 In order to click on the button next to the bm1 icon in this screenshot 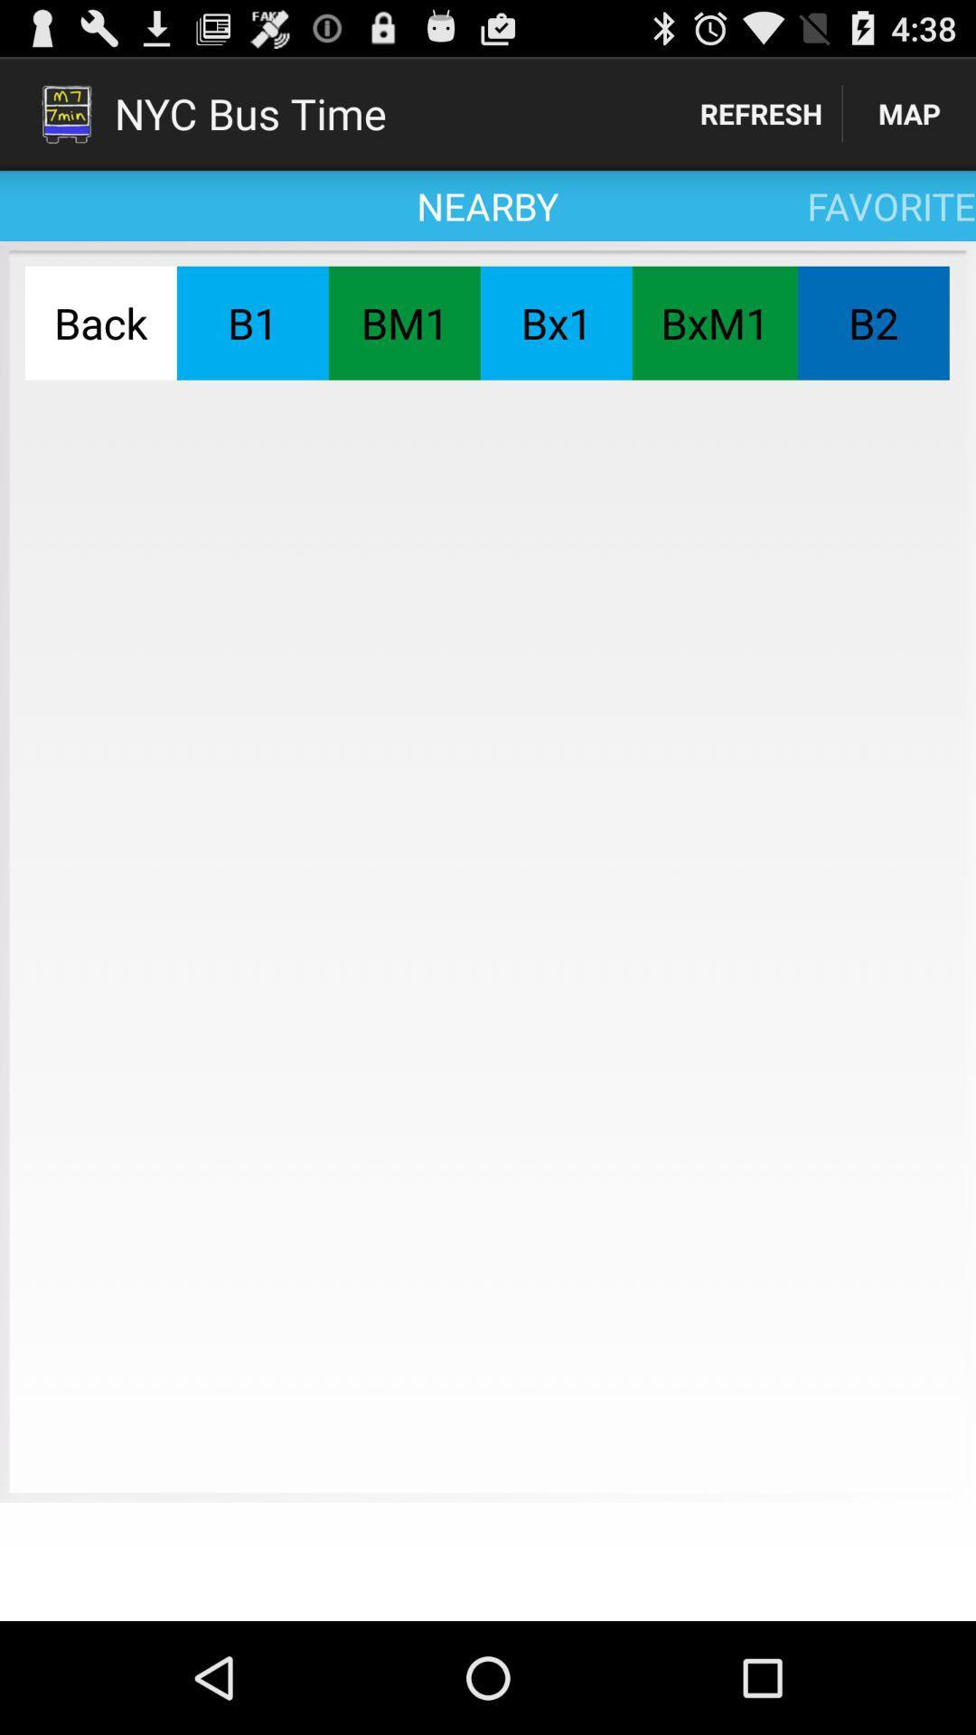, I will do `click(555, 323)`.